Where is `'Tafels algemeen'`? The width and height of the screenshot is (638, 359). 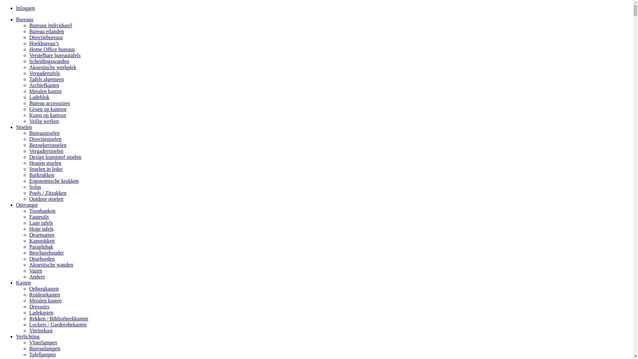
'Tafels algemeen' is located at coordinates (46, 79).